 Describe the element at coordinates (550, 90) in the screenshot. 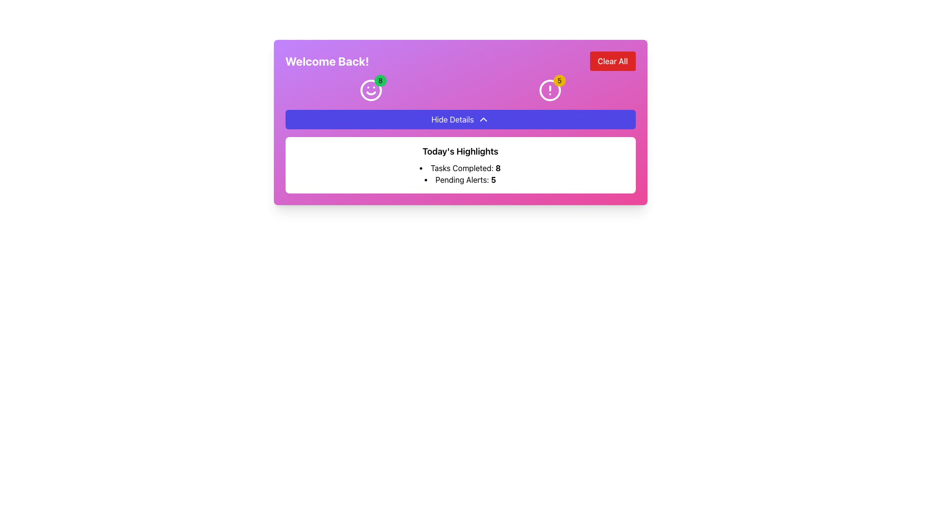

I see `the circular badge icon with an alert symbol and a yellow label '5' located at the top-right corner, positioned to the right of a smiling face icon` at that location.